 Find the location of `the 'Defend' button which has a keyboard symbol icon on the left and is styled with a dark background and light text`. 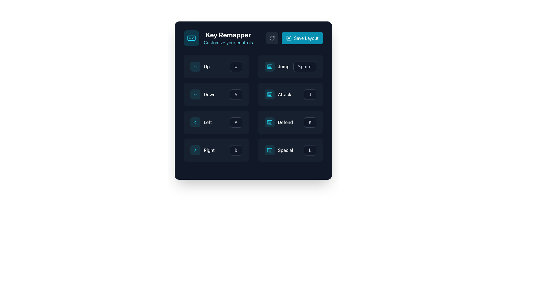

the 'Defend' button which has a keyboard symbol icon on the left and is styled with a dark background and light text is located at coordinates (279, 122).